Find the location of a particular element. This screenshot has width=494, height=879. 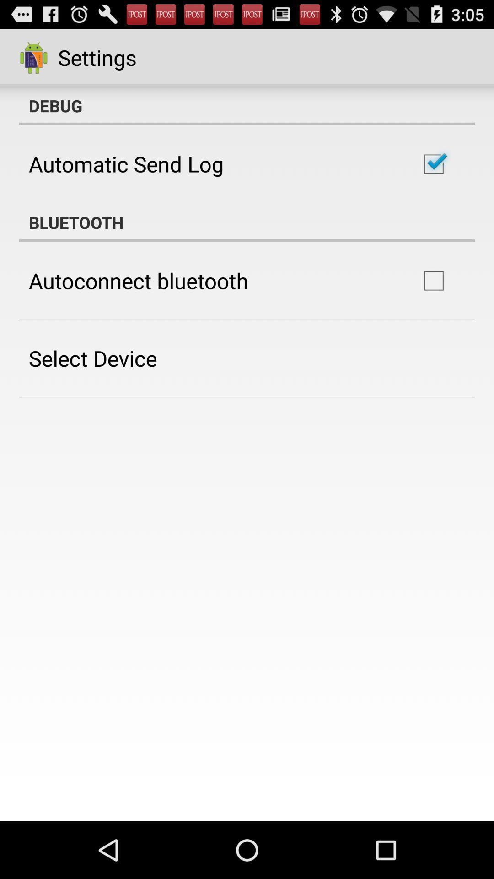

the app below the bluetooth is located at coordinates (139, 280).